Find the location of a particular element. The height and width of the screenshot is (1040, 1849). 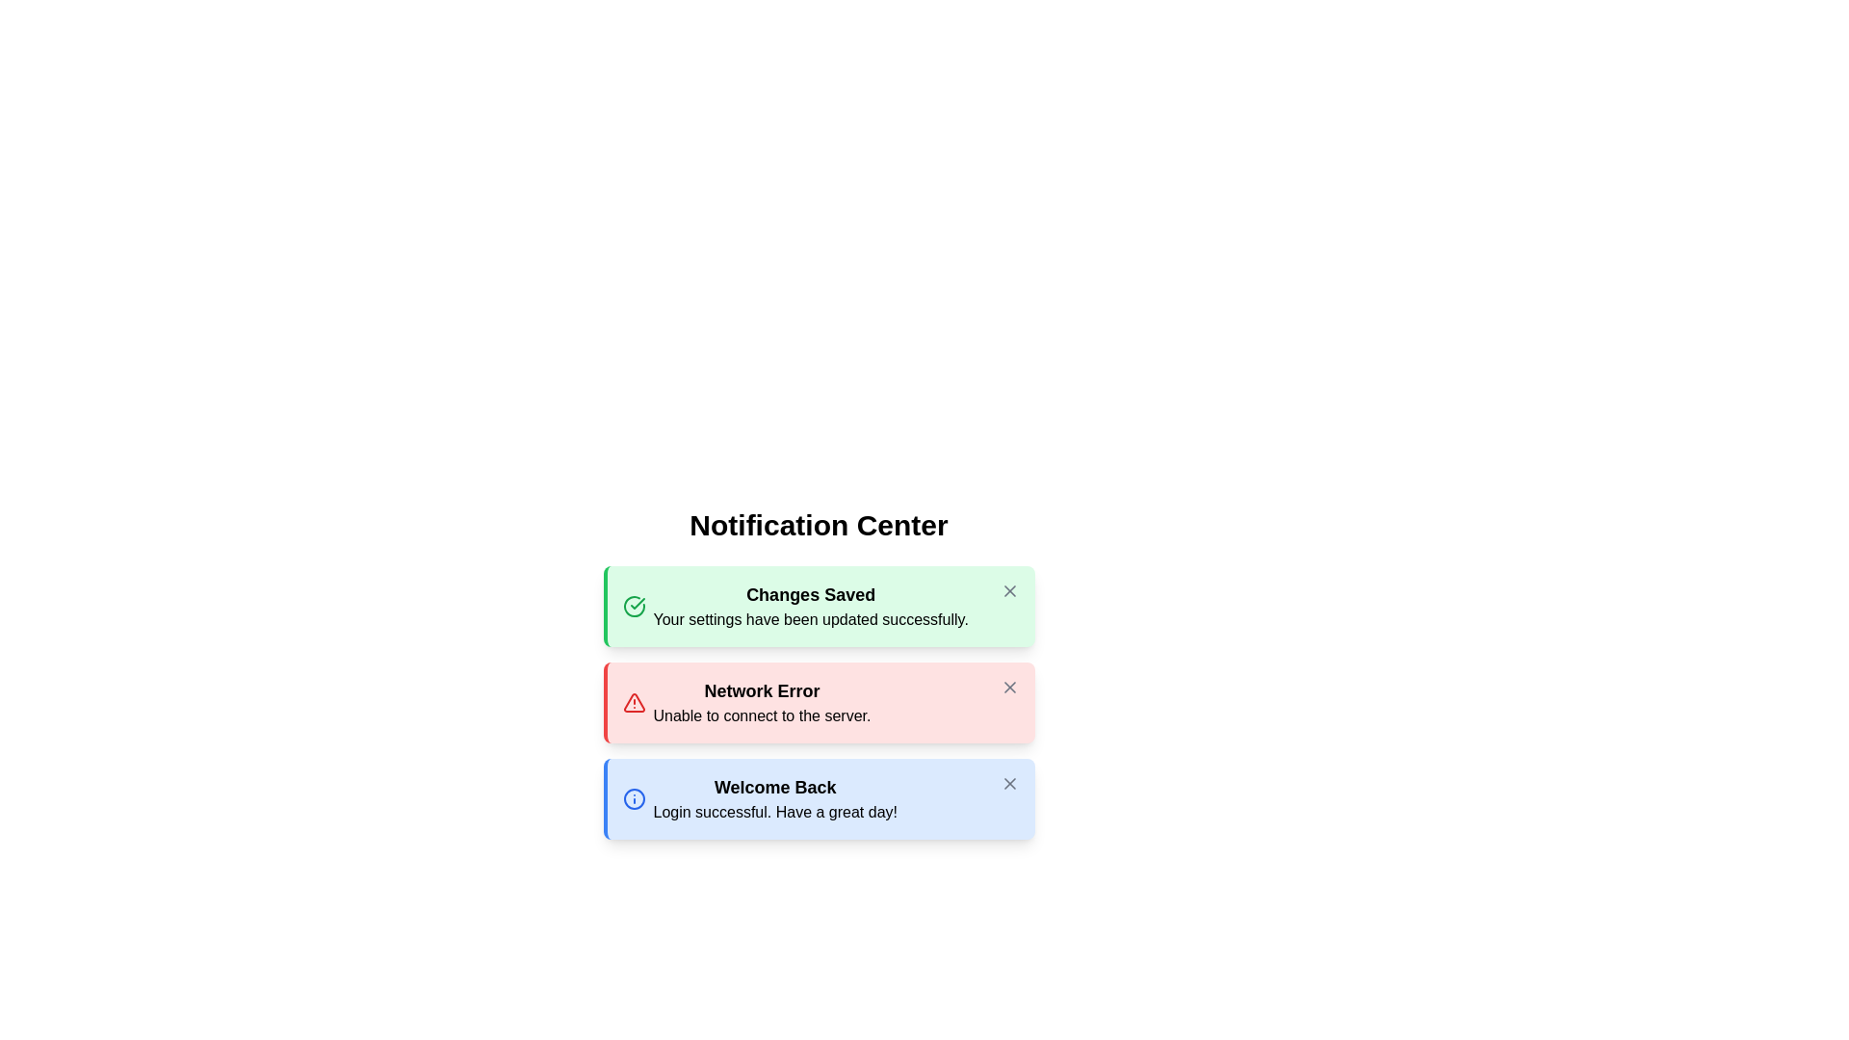

the close button styled as a small 'X' symbol located at the top-right corner of the green notification card that indicates 'Changes Saved' is located at coordinates (1008, 589).